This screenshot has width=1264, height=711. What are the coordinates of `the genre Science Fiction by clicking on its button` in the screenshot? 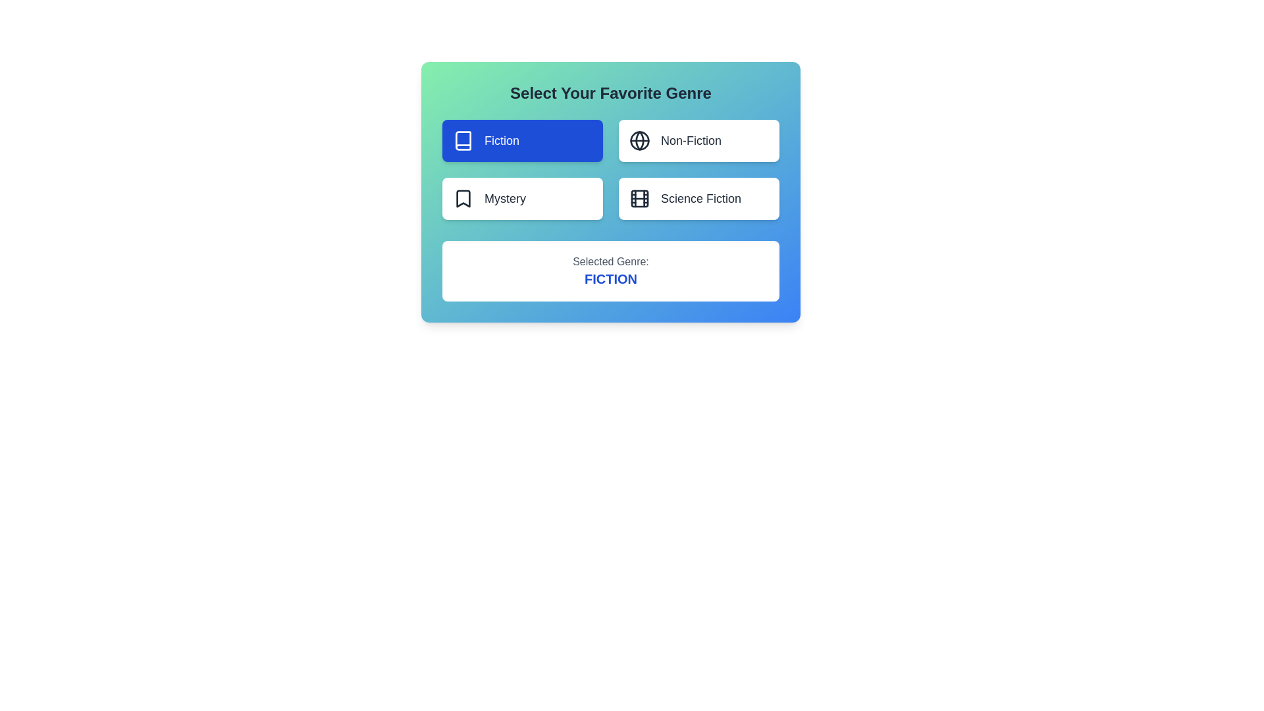 It's located at (698, 198).